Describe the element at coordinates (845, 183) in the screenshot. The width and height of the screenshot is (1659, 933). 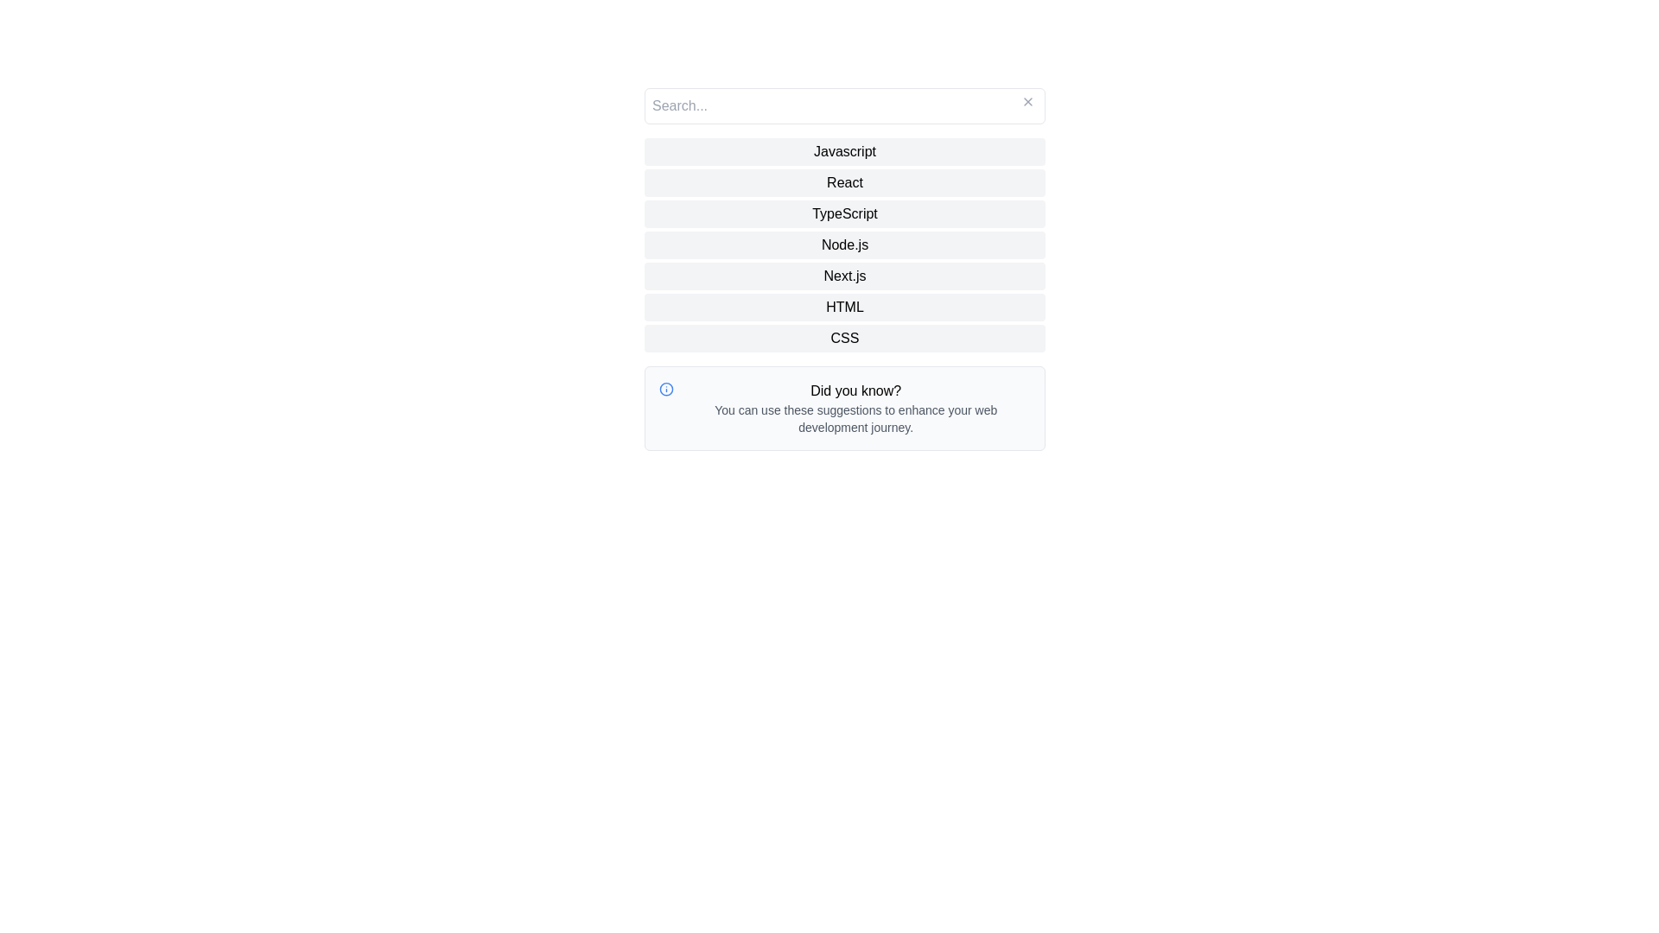
I see `the 'React' button, which is a horizontally centered rectangular tab with rounded corners and a light gray background, positioned second in a list of tabs` at that location.